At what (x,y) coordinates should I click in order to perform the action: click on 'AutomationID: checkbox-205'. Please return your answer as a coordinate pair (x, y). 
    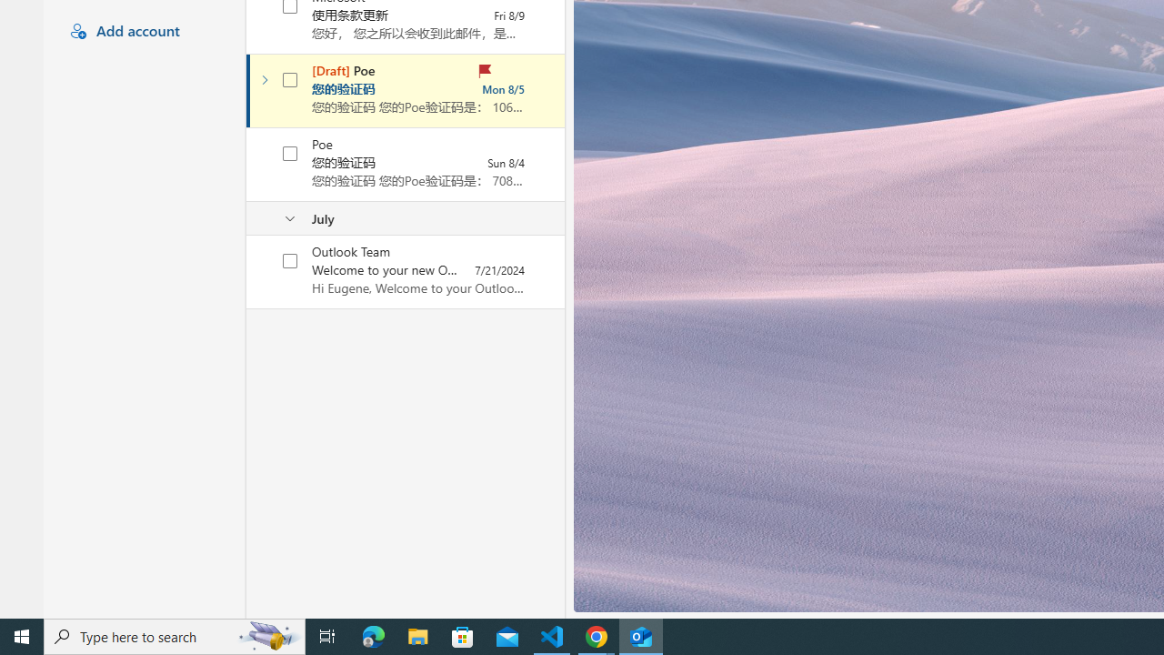
    Looking at the image, I should click on (291, 78).